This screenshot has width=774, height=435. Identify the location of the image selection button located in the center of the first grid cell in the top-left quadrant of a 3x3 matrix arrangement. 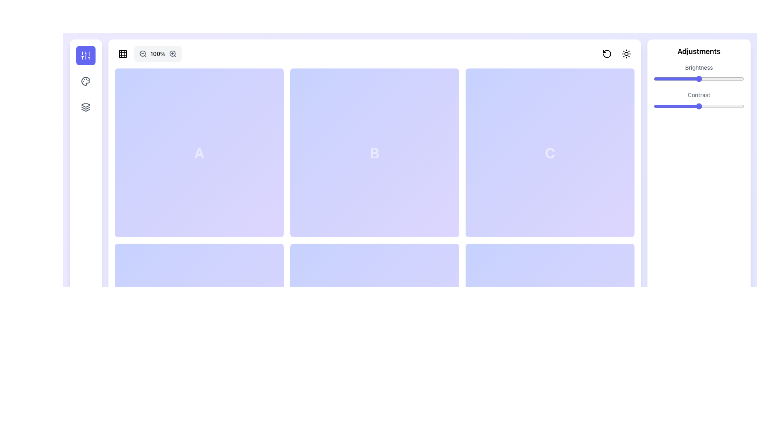
(199, 153).